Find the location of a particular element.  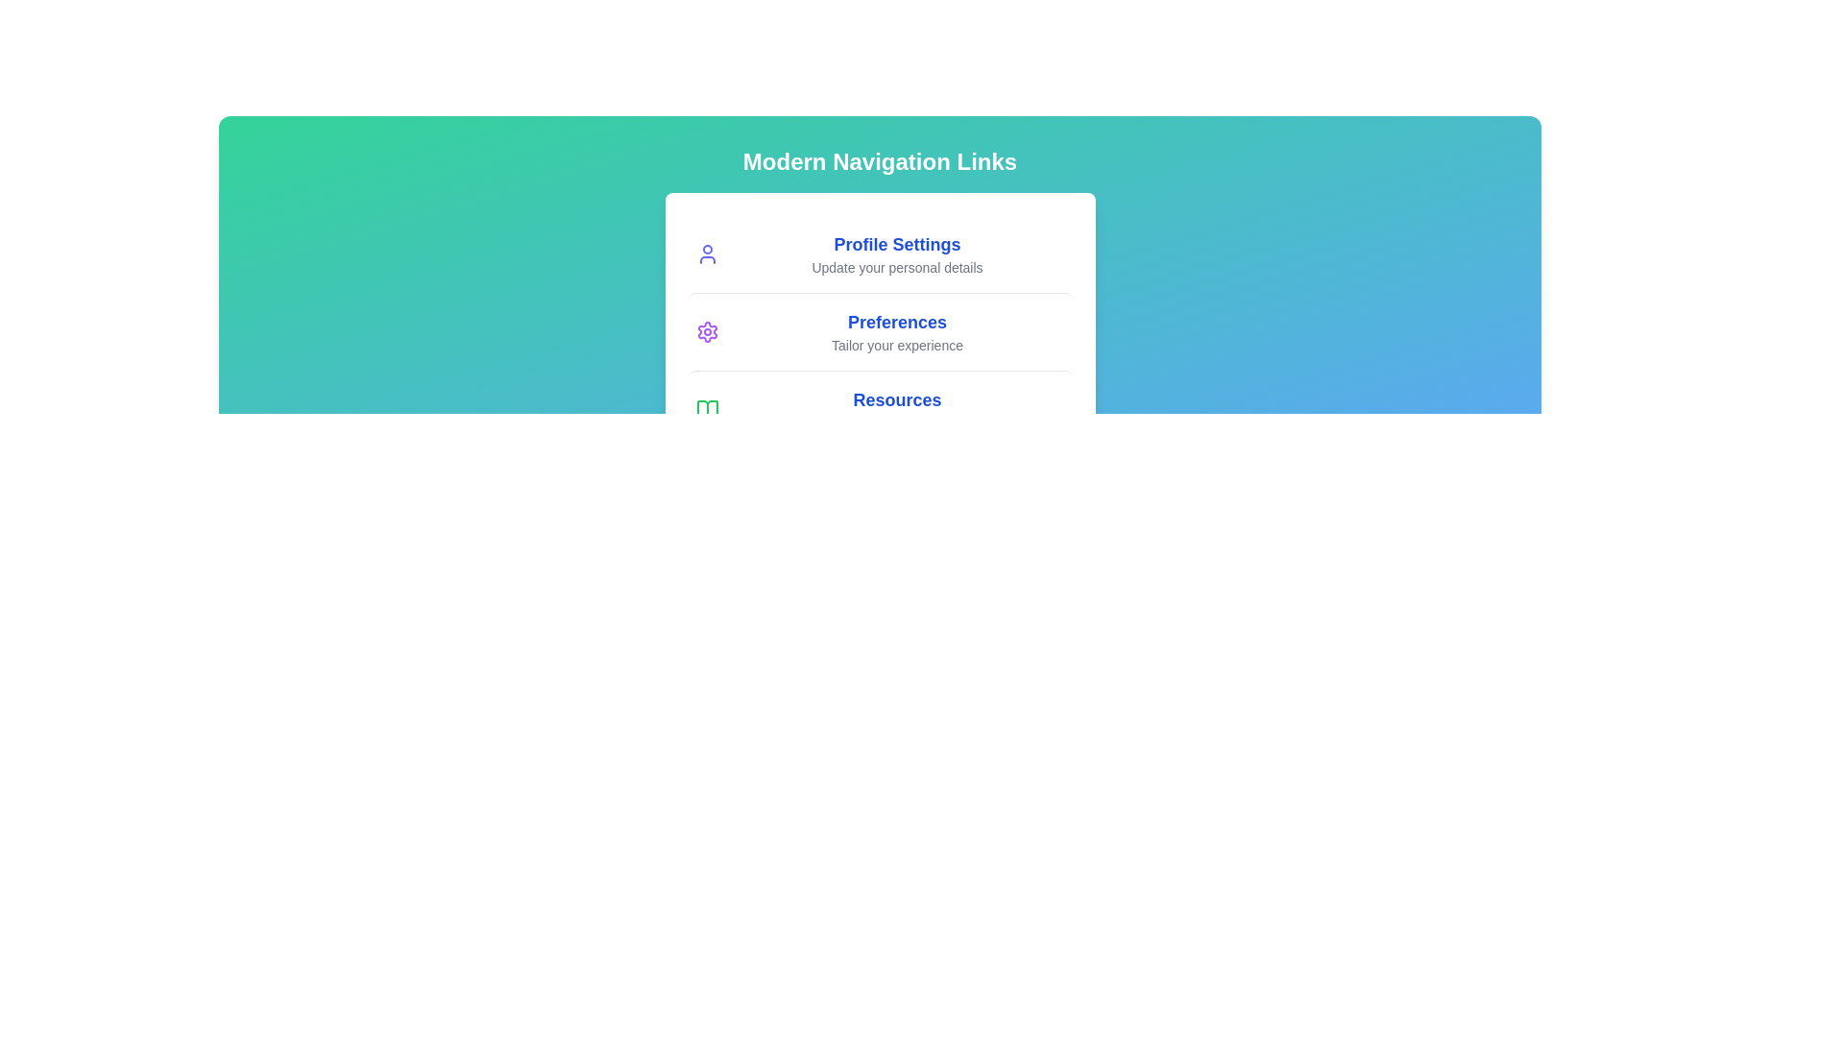

the Profile Settings icon located in the first item of the vertical navigation list, positioned to the left of the text 'Profile Settings' is located at coordinates (706, 253).